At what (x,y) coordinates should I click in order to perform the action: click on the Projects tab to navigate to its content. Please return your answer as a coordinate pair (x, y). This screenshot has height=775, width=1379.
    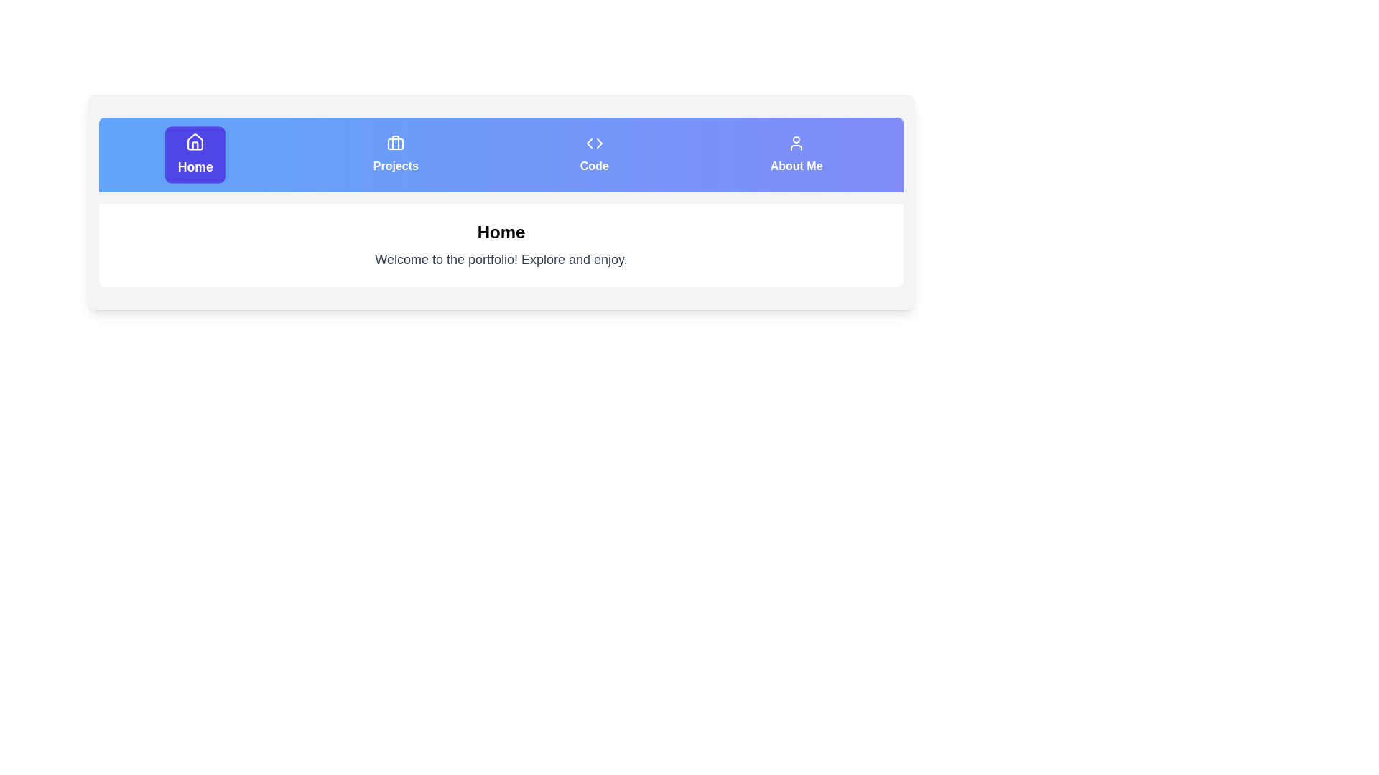
    Looking at the image, I should click on (396, 155).